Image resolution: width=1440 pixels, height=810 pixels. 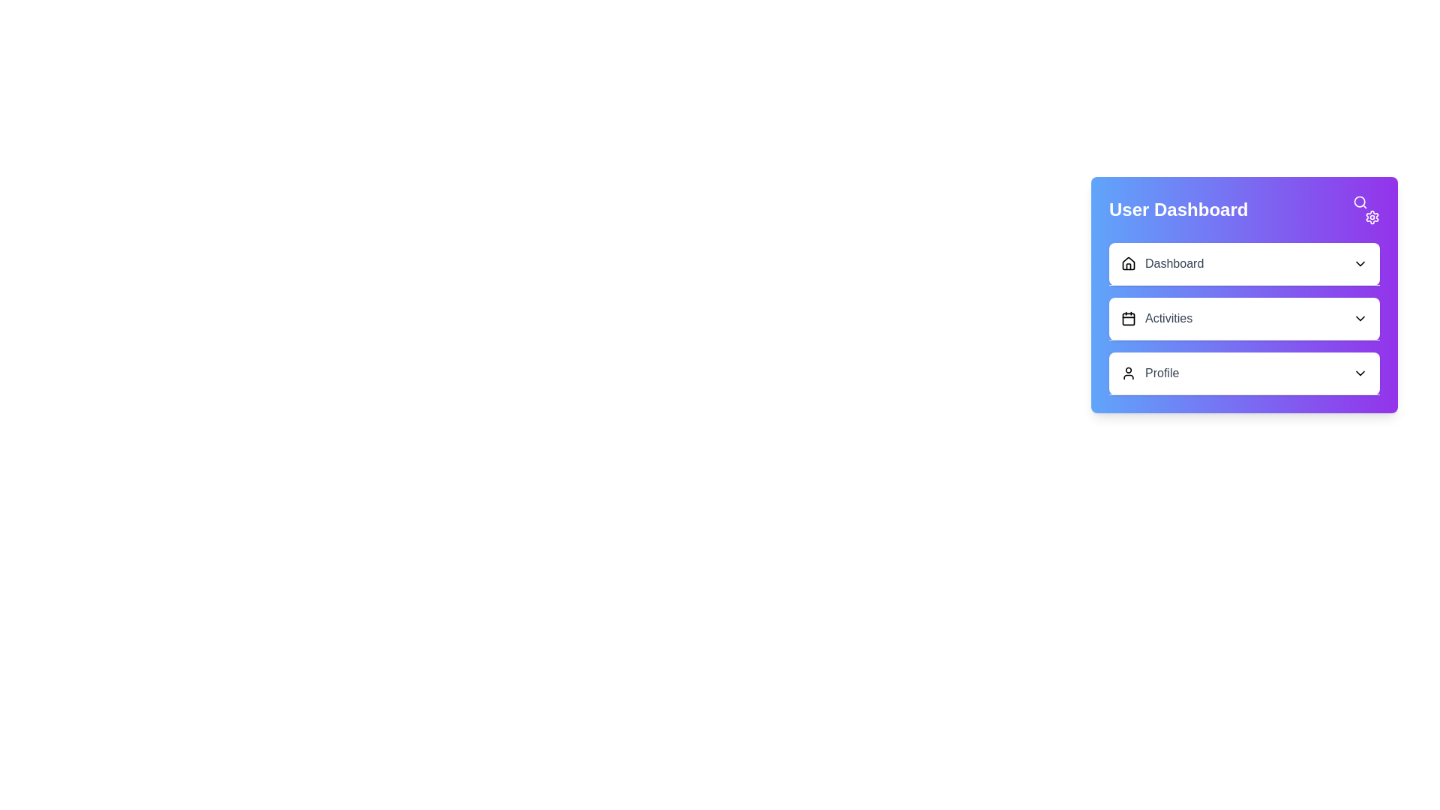 What do you see at coordinates (1161, 372) in the screenshot?
I see `the text label describing the user profile option located in the third row of the vertical list, immediately to the right of the user icon` at bounding box center [1161, 372].